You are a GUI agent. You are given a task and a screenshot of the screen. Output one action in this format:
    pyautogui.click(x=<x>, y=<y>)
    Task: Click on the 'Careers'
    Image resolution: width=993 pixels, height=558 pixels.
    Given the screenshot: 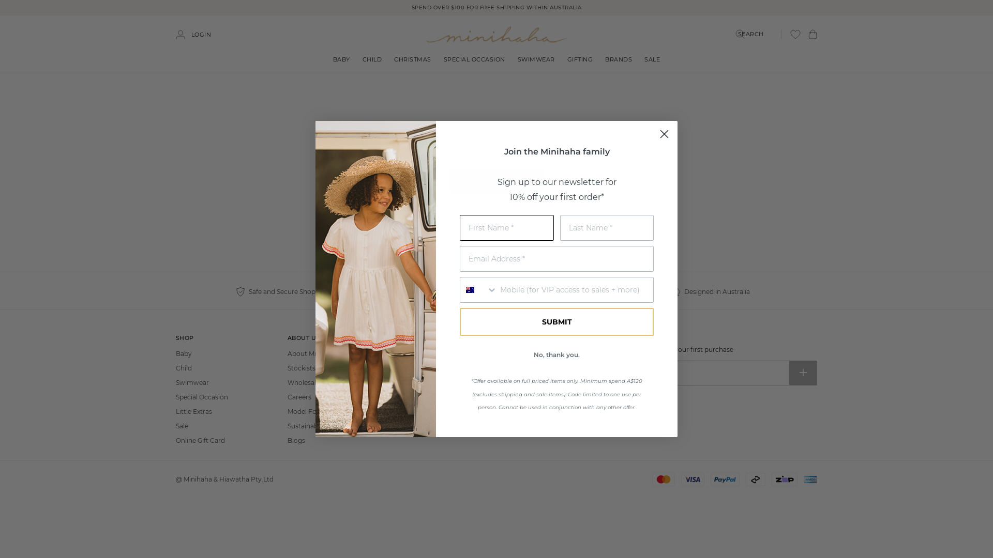 What is the action you would take?
    pyautogui.click(x=299, y=396)
    